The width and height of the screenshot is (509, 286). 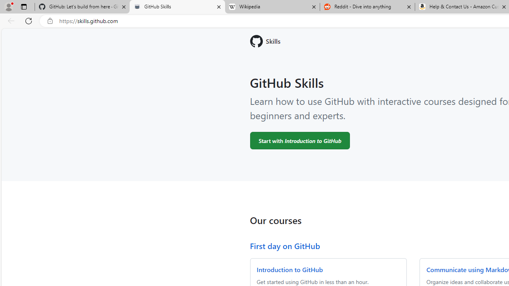 What do you see at coordinates (272, 7) in the screenshot?
I see `'Wikipedia'` at bounding box center [272, 7].